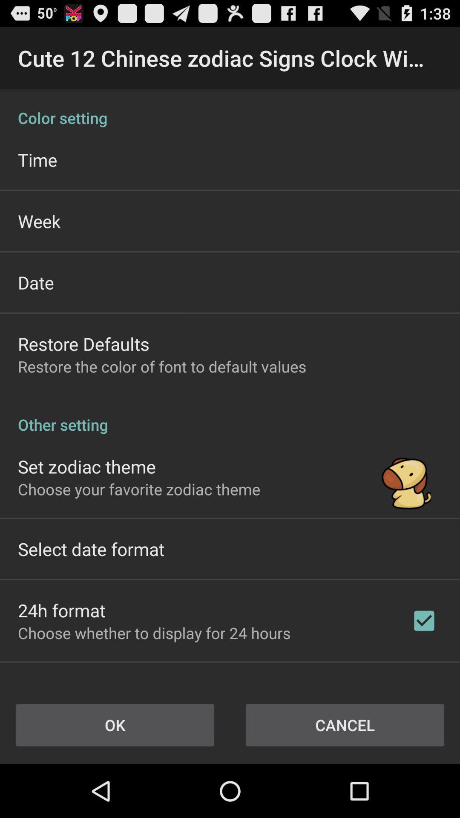 This screenshot has width=460, height=818. What do you see at coordinates (91, 549) in the screenshot?
I see `the select date format app` at bounding box center [91, 549].